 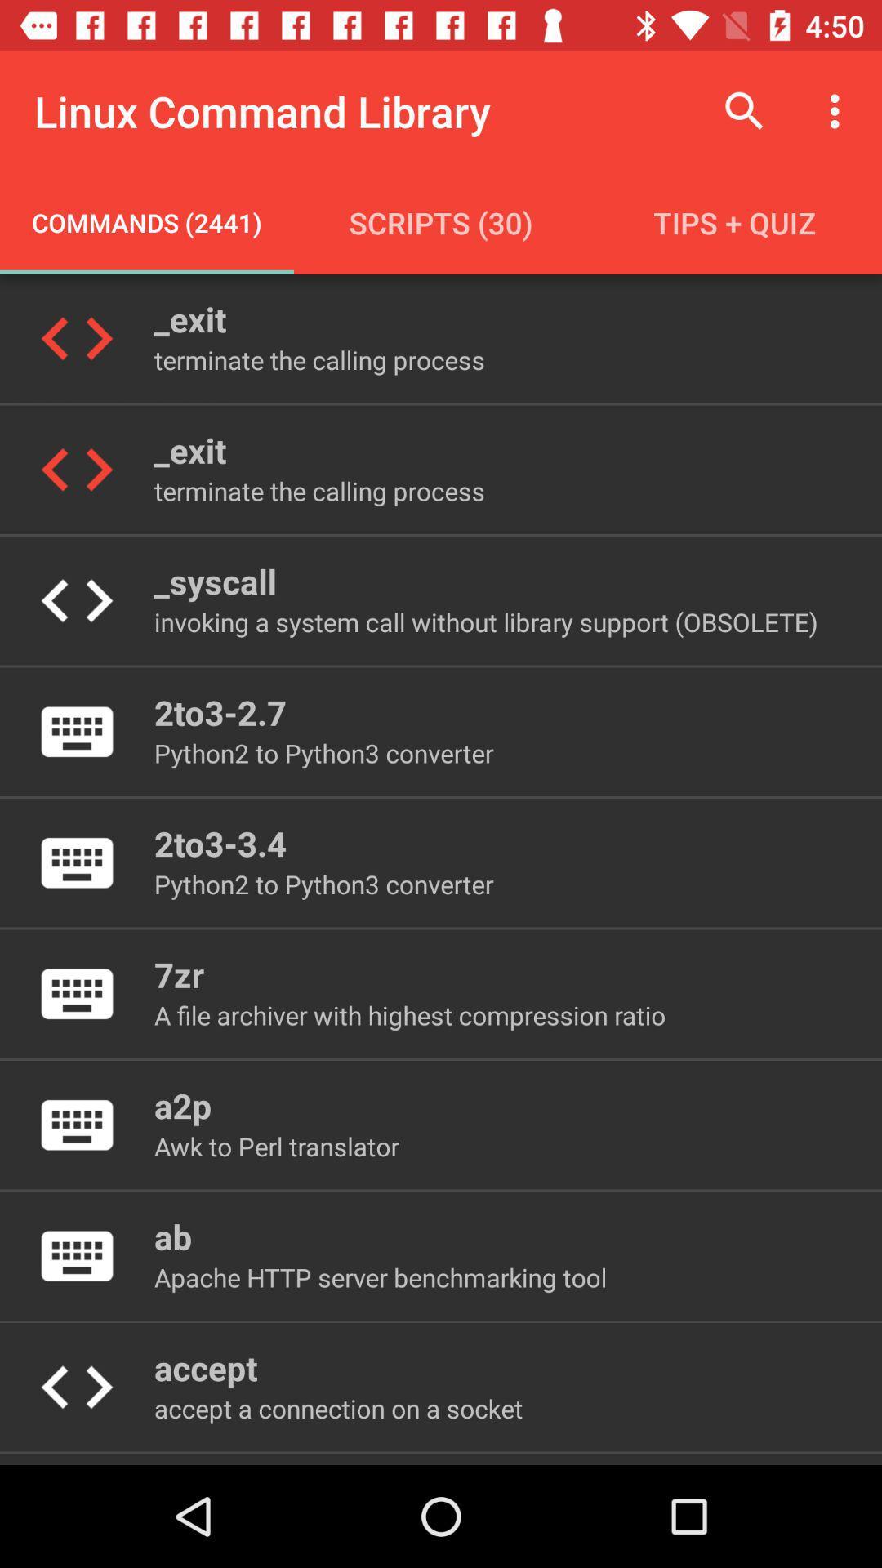 What do you see at coordinates (381, 1276) in the screenshot?
I see `the apache http server item` at bounding box center [381, 1276].